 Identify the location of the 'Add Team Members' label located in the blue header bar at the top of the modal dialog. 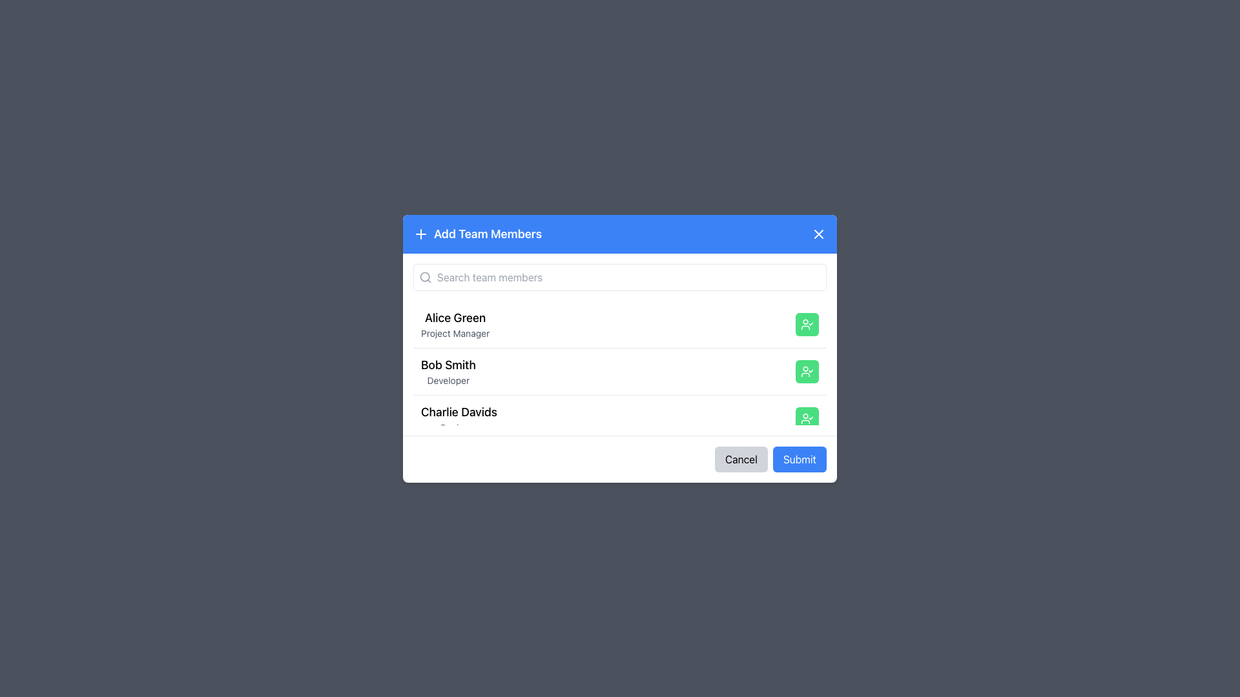
(477, 234).